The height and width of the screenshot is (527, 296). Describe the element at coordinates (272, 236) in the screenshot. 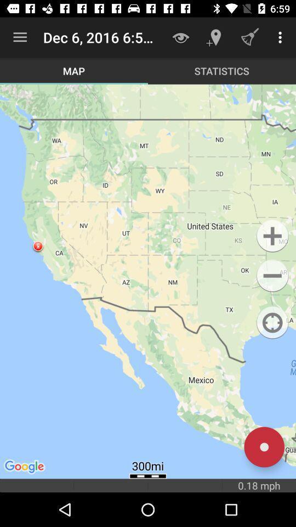

I see `the add icon` at that location.